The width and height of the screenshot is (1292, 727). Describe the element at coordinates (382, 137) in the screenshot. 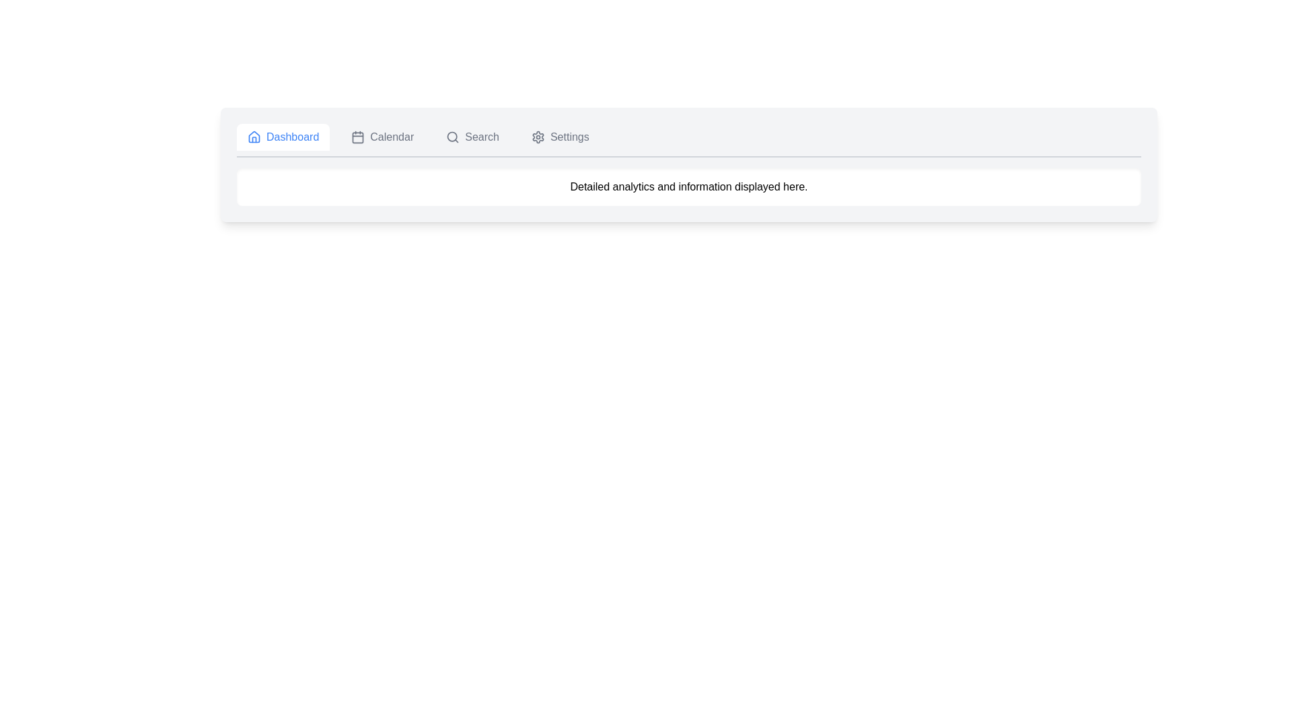

I see `the 'Calendar' button, which features a calendar icon on the left and is located between 'Dashboard' and 'Search' in the navigation toolbar` at that location.